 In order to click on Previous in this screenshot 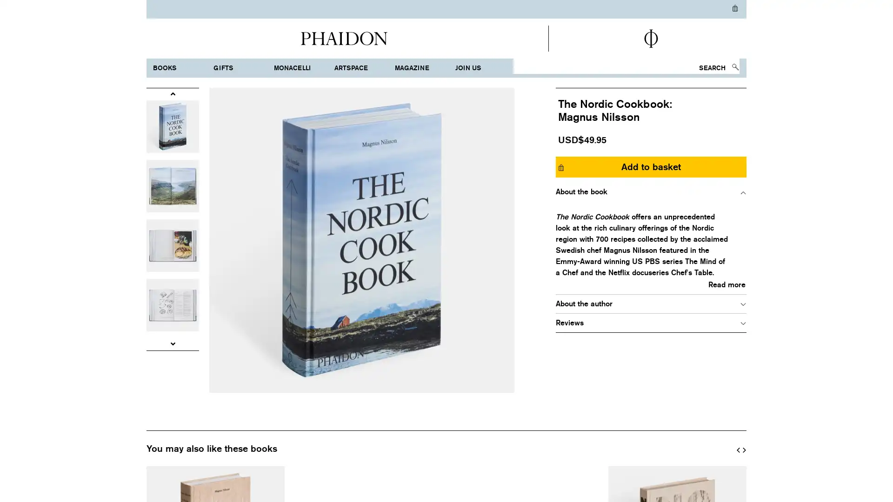, I will do `click(173, 93)`.